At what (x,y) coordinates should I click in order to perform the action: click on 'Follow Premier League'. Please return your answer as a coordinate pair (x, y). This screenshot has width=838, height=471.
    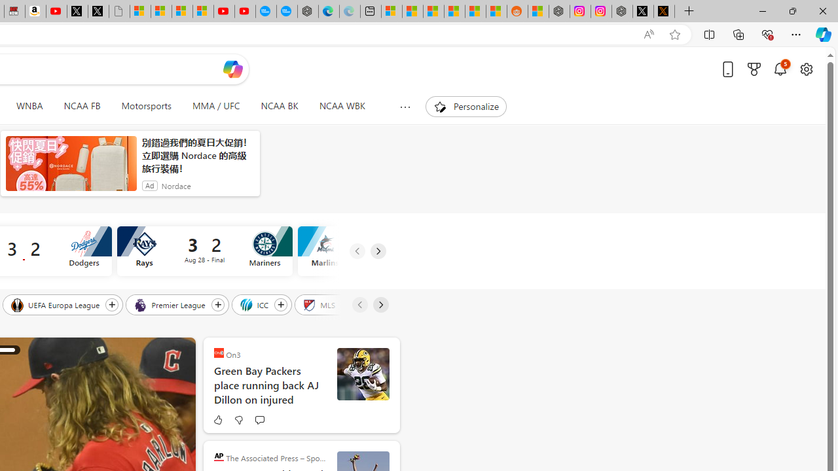
    Looking at the image, I should click on (217, 304).